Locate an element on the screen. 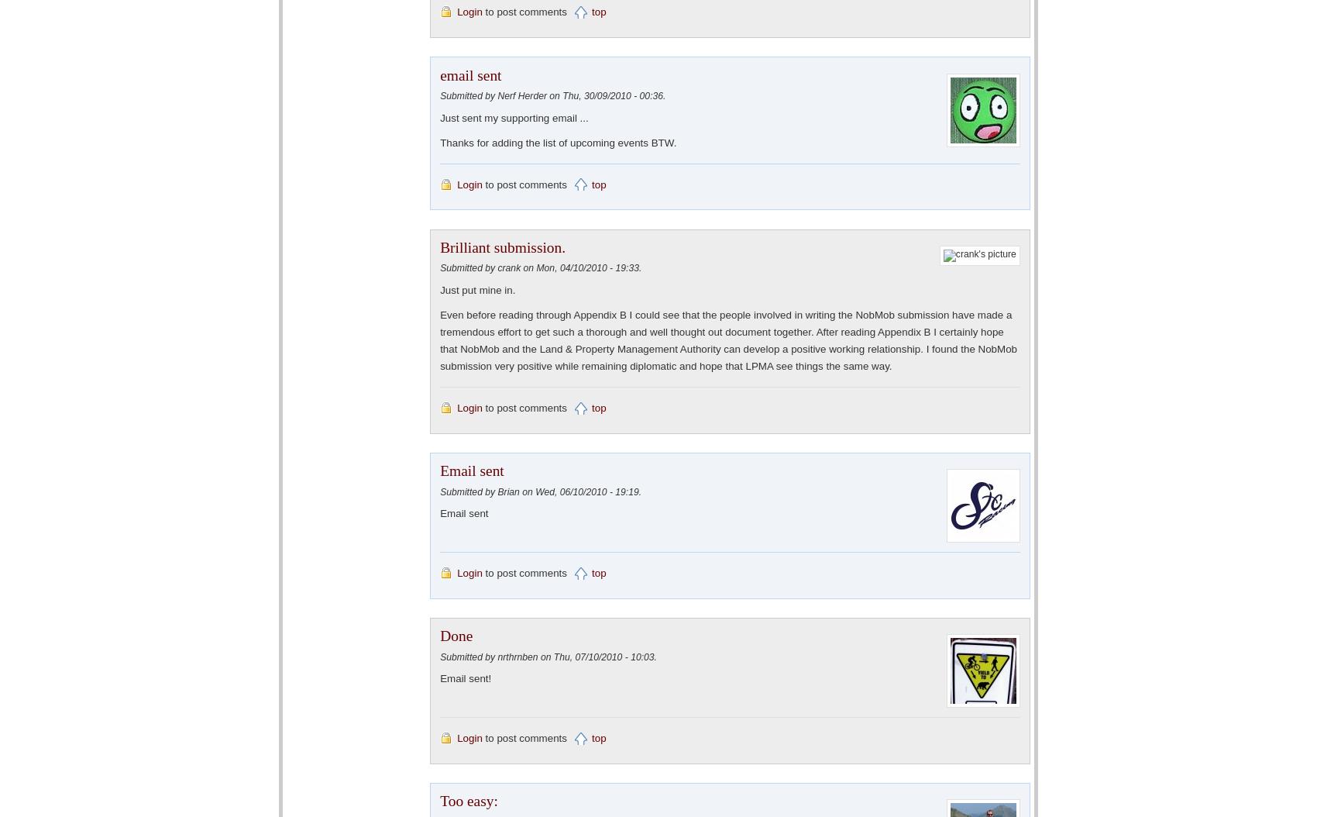  'Submitted by Nerf Herder on Thu, 30/09/2010 - 00:36.' is located at coordinates (438, 95).